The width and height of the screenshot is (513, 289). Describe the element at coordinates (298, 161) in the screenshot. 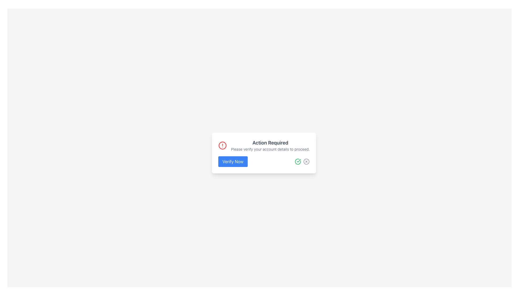

I see `the approval icon located at the bottom right of the dialog box, adjacent to the 'X' icon, which signifies successful verification` at that location.